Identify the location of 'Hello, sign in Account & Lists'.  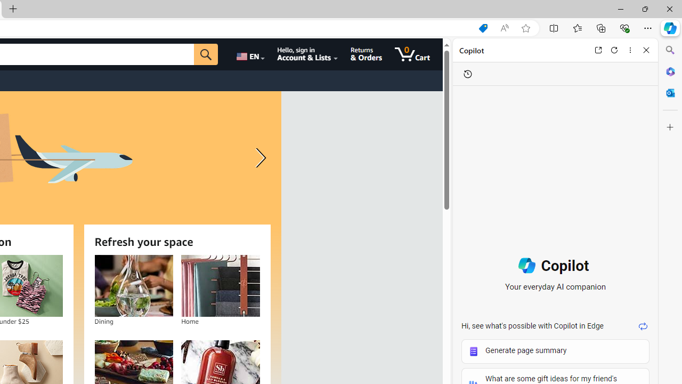
(307, 54).